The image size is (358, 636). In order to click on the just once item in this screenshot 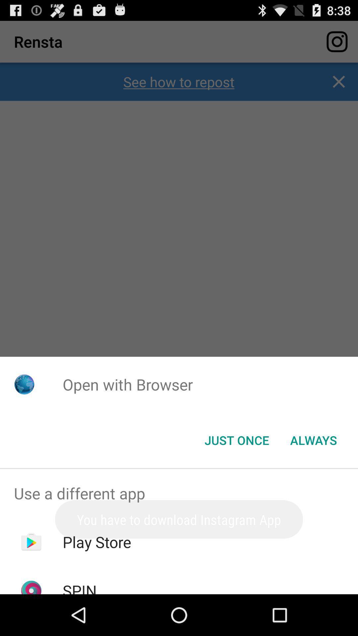, I will do `click(236, 440)`.